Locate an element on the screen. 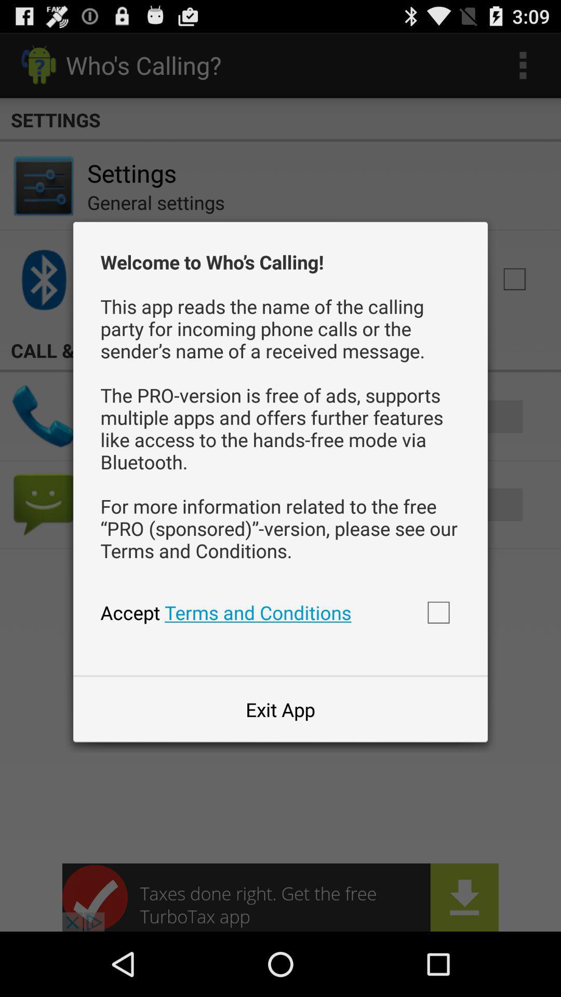  accept terms and conditions is located at coordinates (438, 612).